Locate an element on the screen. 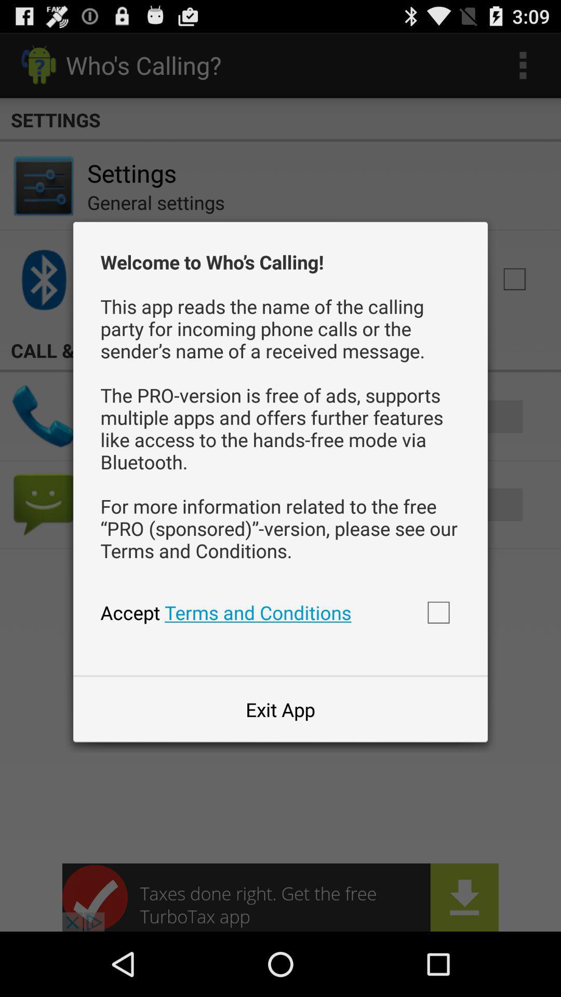  accept terms and conditions is located at coordinates (438, 612).